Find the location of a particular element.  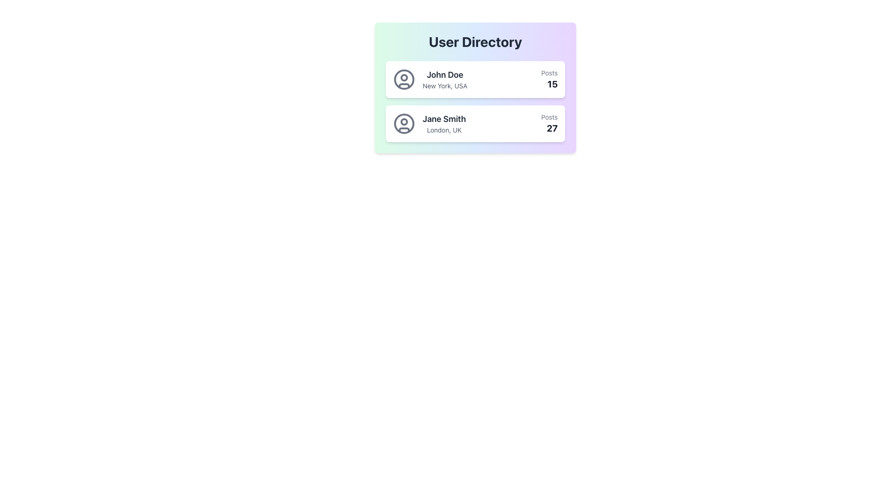

the Text Display element showing 'Posts' and '27' located at the bottom right corner of the entry for 'Jane Smith' in the user directory list is located at coordinates (549, 123).